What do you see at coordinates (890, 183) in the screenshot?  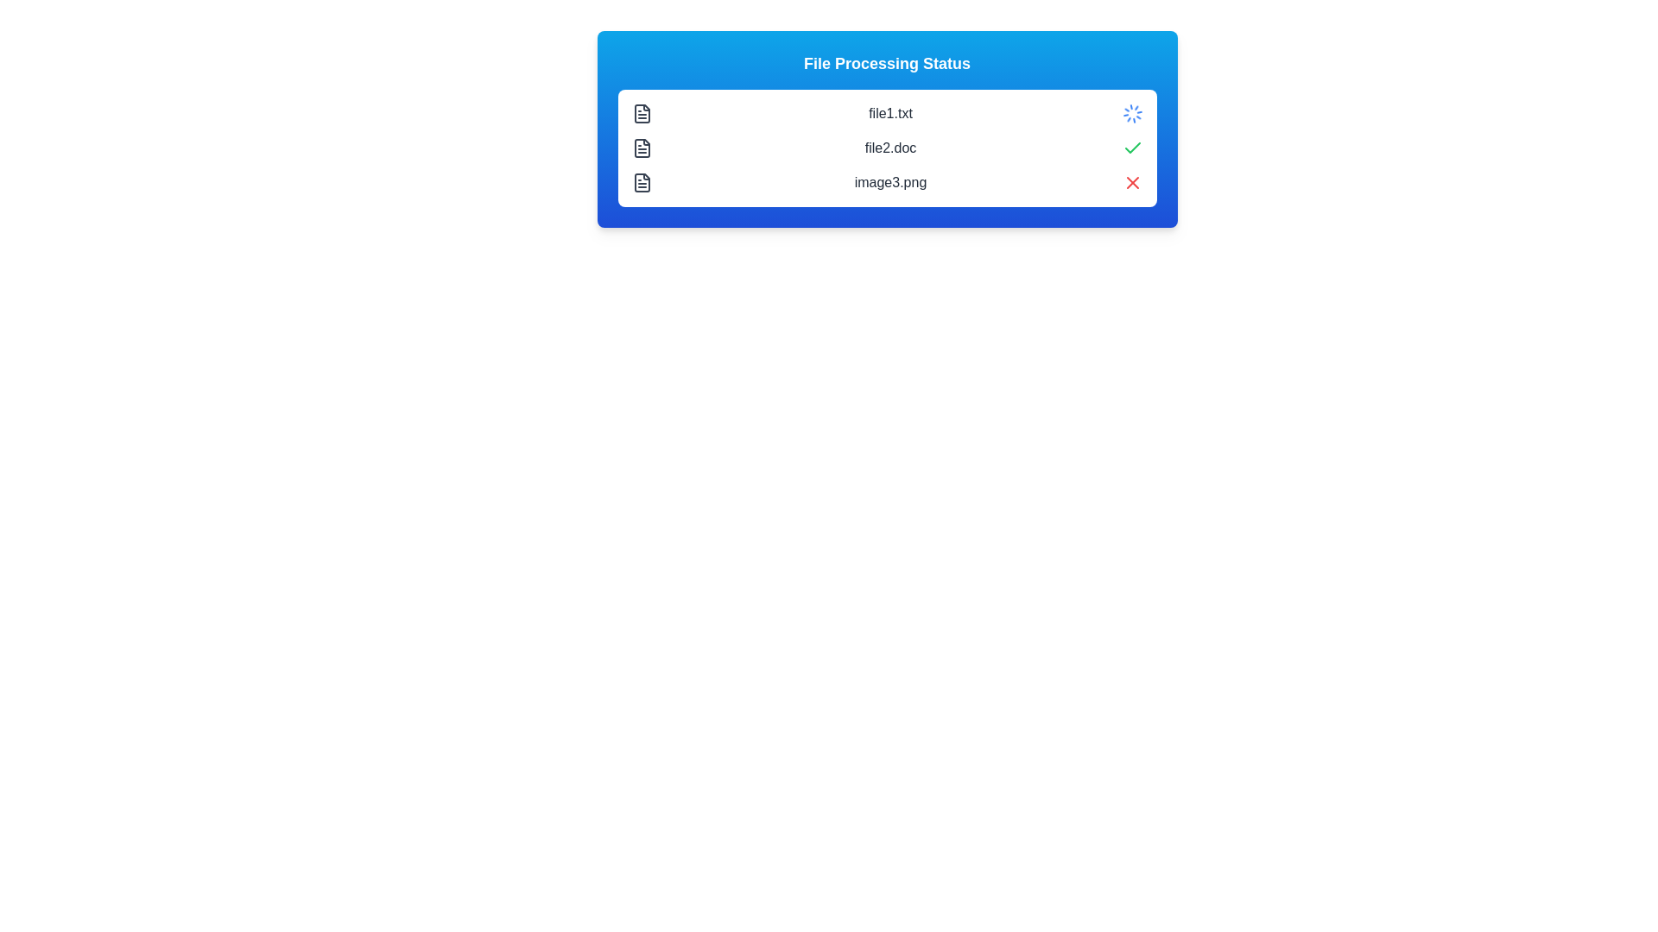 I see `the static text label displaying 'image3.png' styled in gray, positioned between an icon on the left and a red 'X' icon on the right` at bounding box center [890, 183].